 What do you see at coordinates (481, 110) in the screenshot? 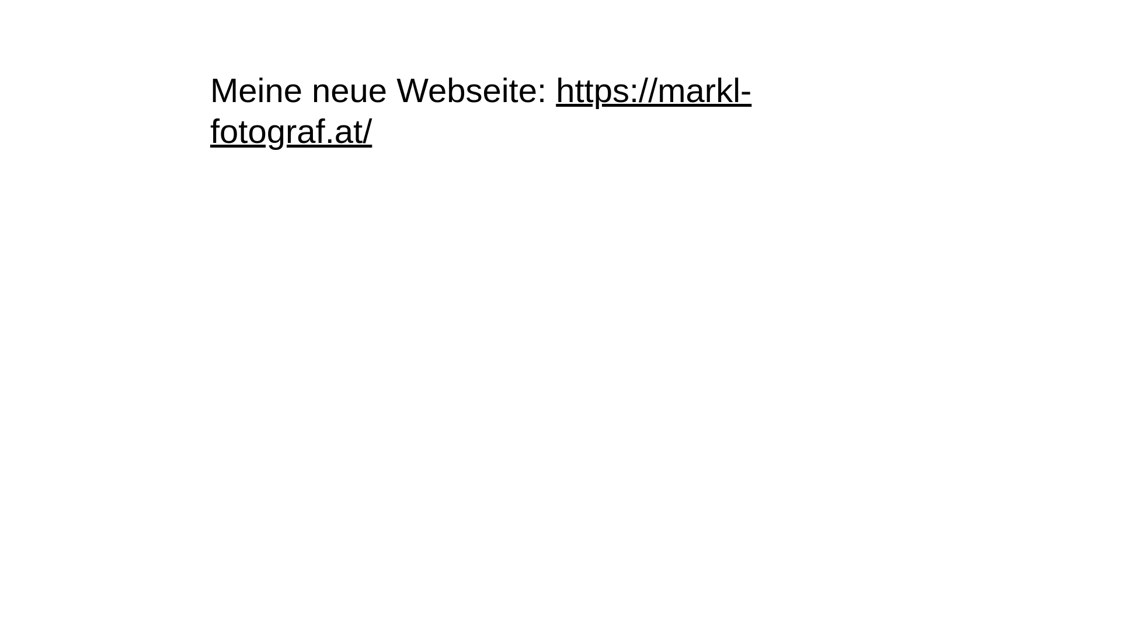
I see `'https://markl-fotograf.at/'` at bounding box center [481, 110].